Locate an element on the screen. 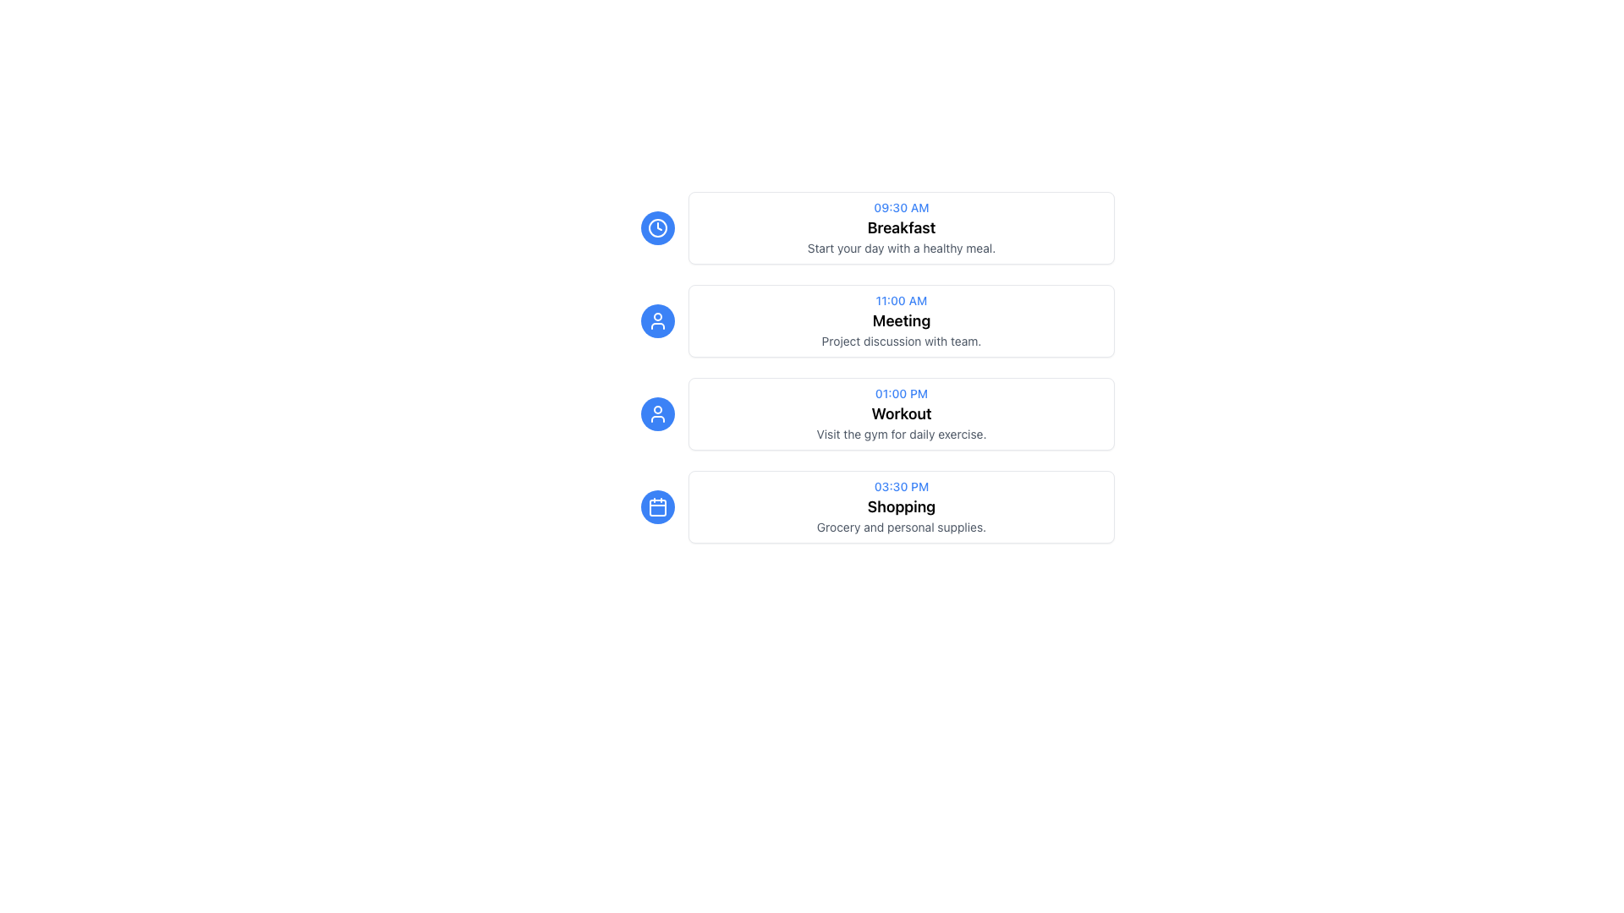 This screenshot has height=913, width=1624. graphical properties of the blue circular element resembling a clock icon, which is the first in a vertical list of icons on the left side of the interface is located at coordinates (656, 228).